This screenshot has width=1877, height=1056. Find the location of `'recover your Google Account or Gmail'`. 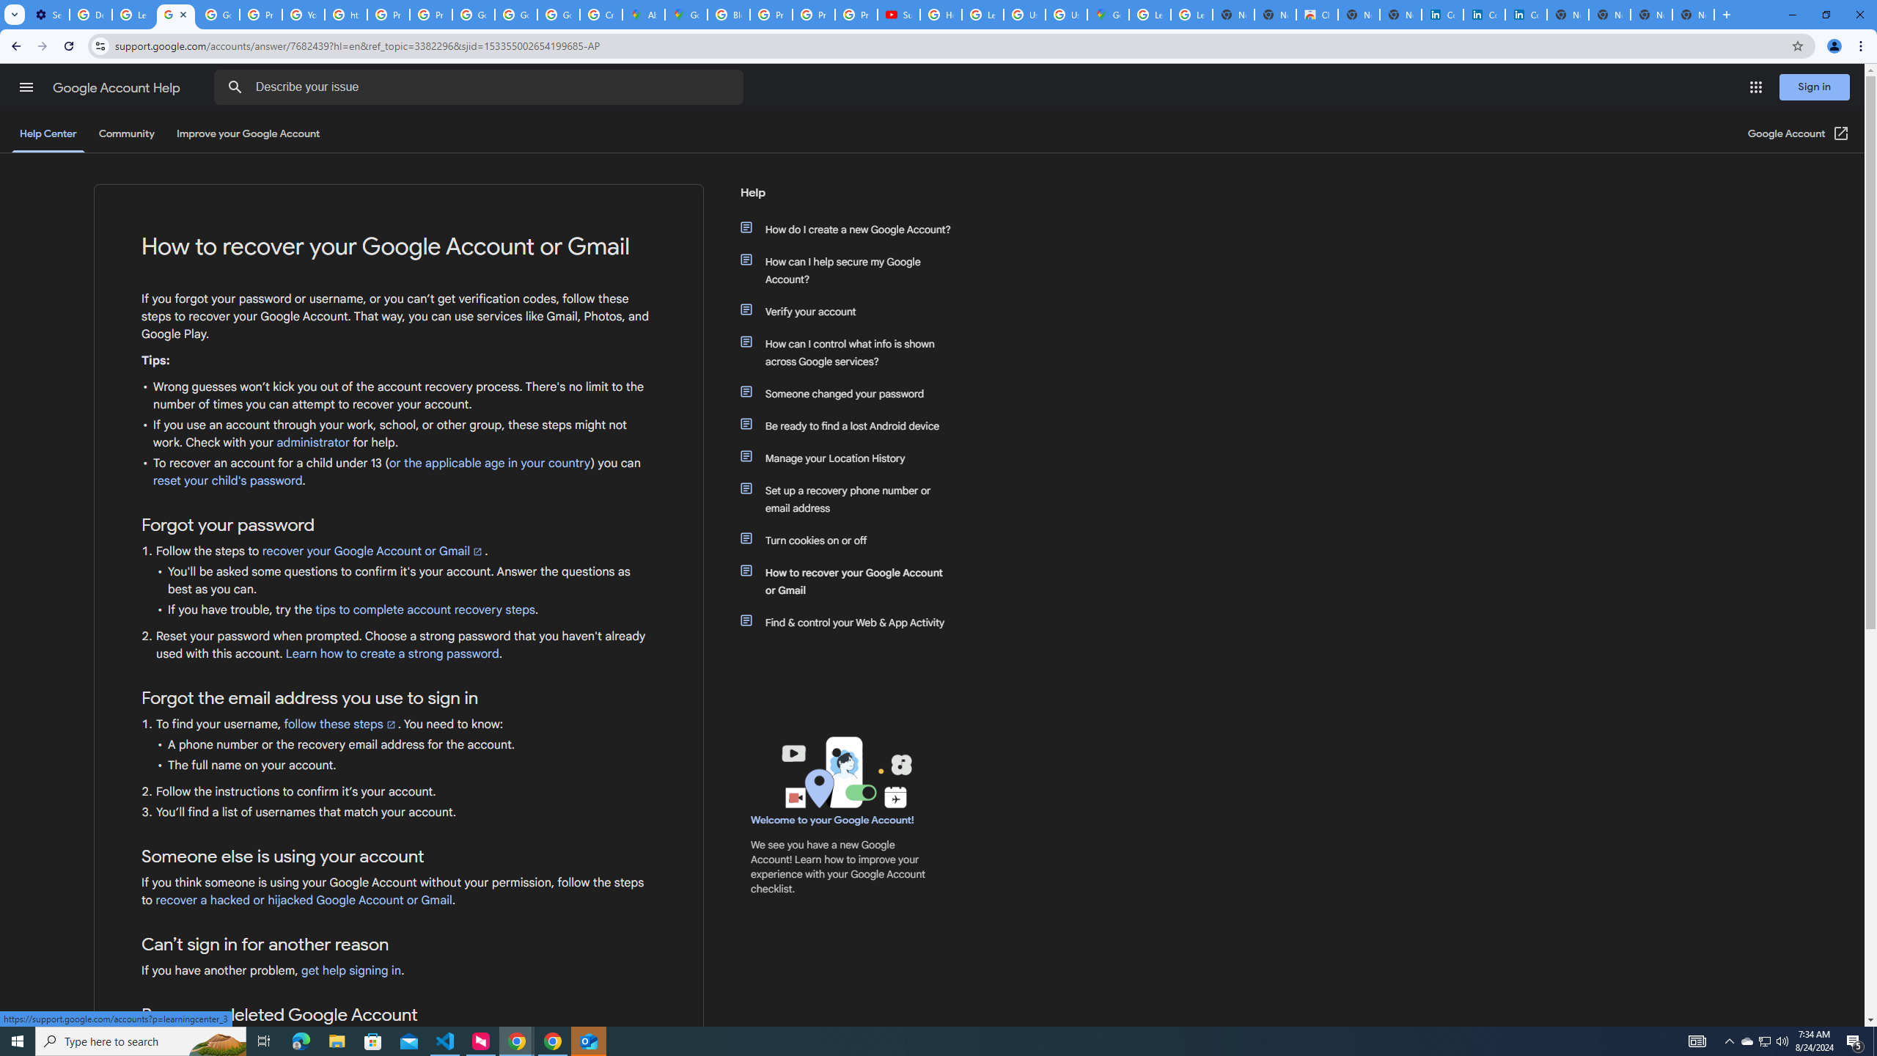

'recover your Google Account or Gmail' is located at coordinates (373, 550).